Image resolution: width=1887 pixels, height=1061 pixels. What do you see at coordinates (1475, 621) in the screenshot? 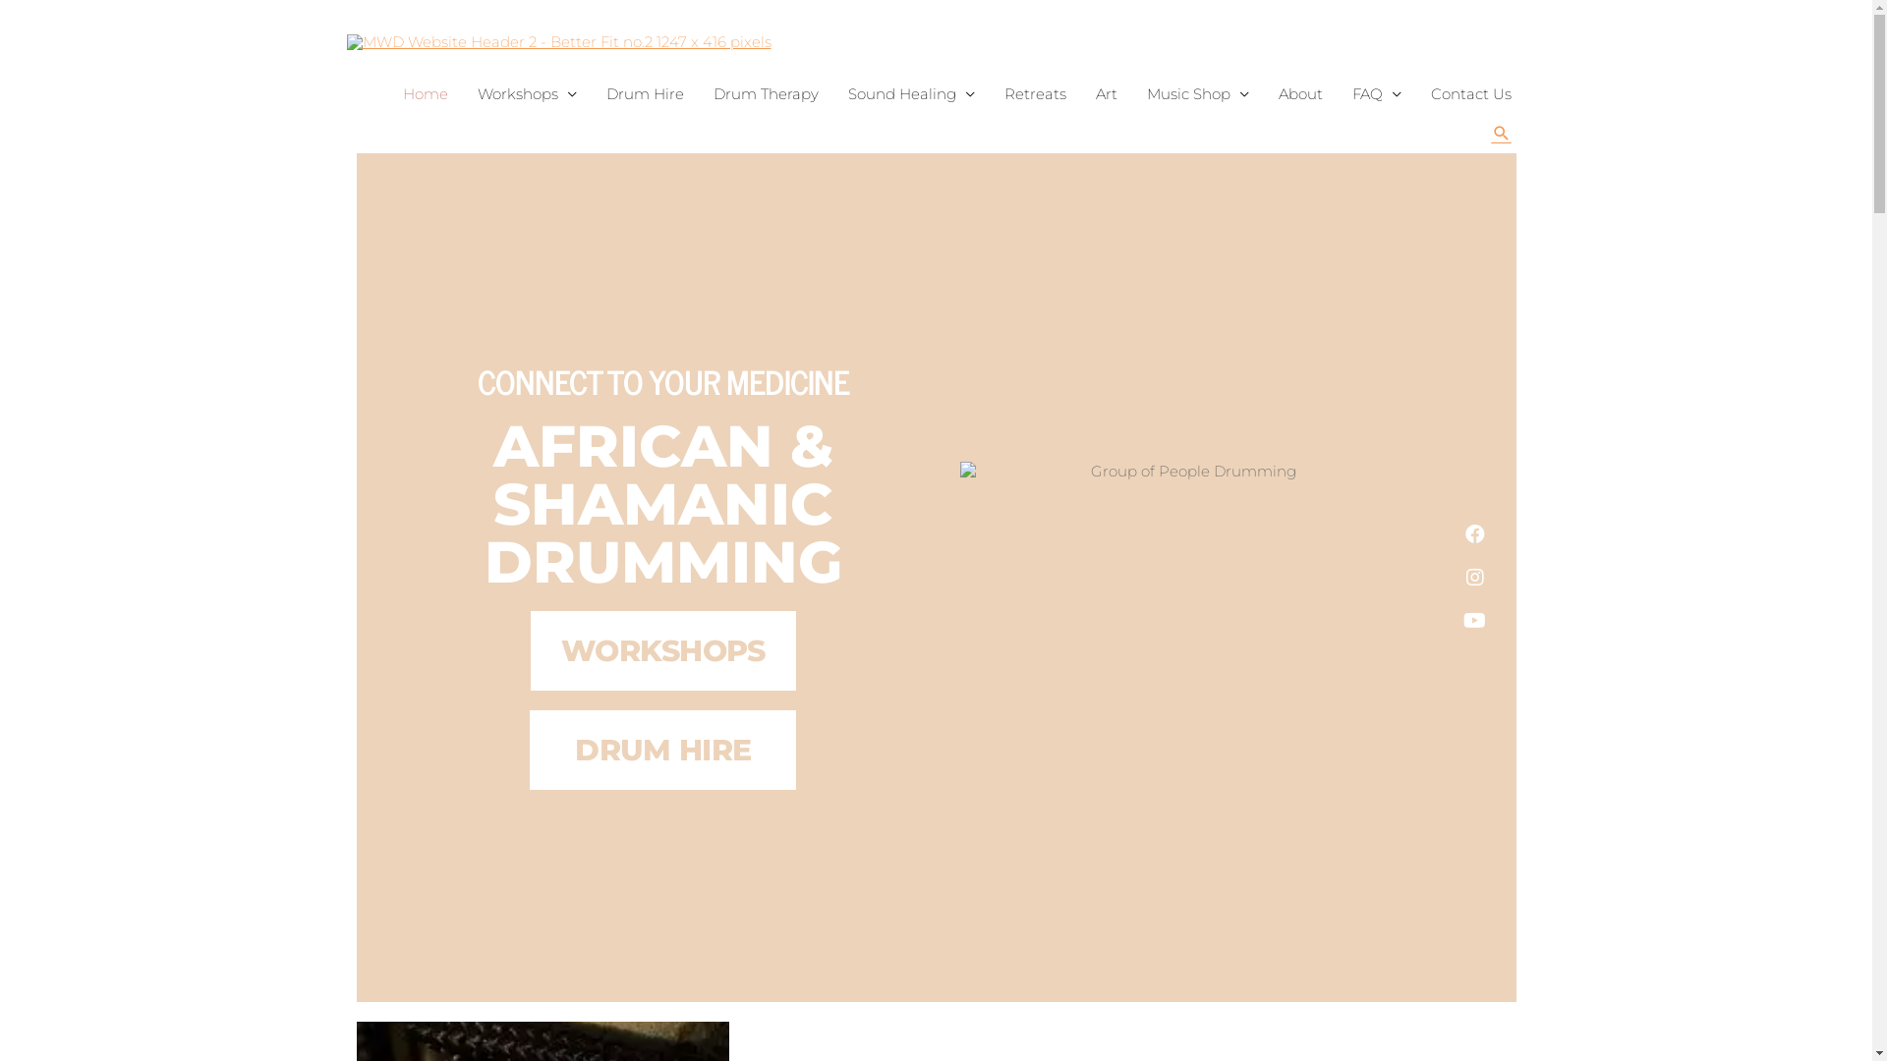
I see `'Youtube'` at bounding box center [1475, 621].